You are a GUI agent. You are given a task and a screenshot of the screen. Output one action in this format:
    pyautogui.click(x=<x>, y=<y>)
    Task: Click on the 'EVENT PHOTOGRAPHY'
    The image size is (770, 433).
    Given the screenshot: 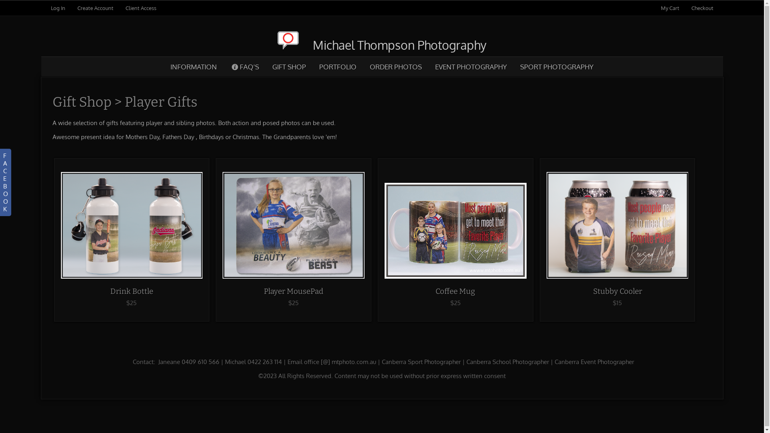 What is the action you would take?
    pyautogui.click(x=471, y=66)
    